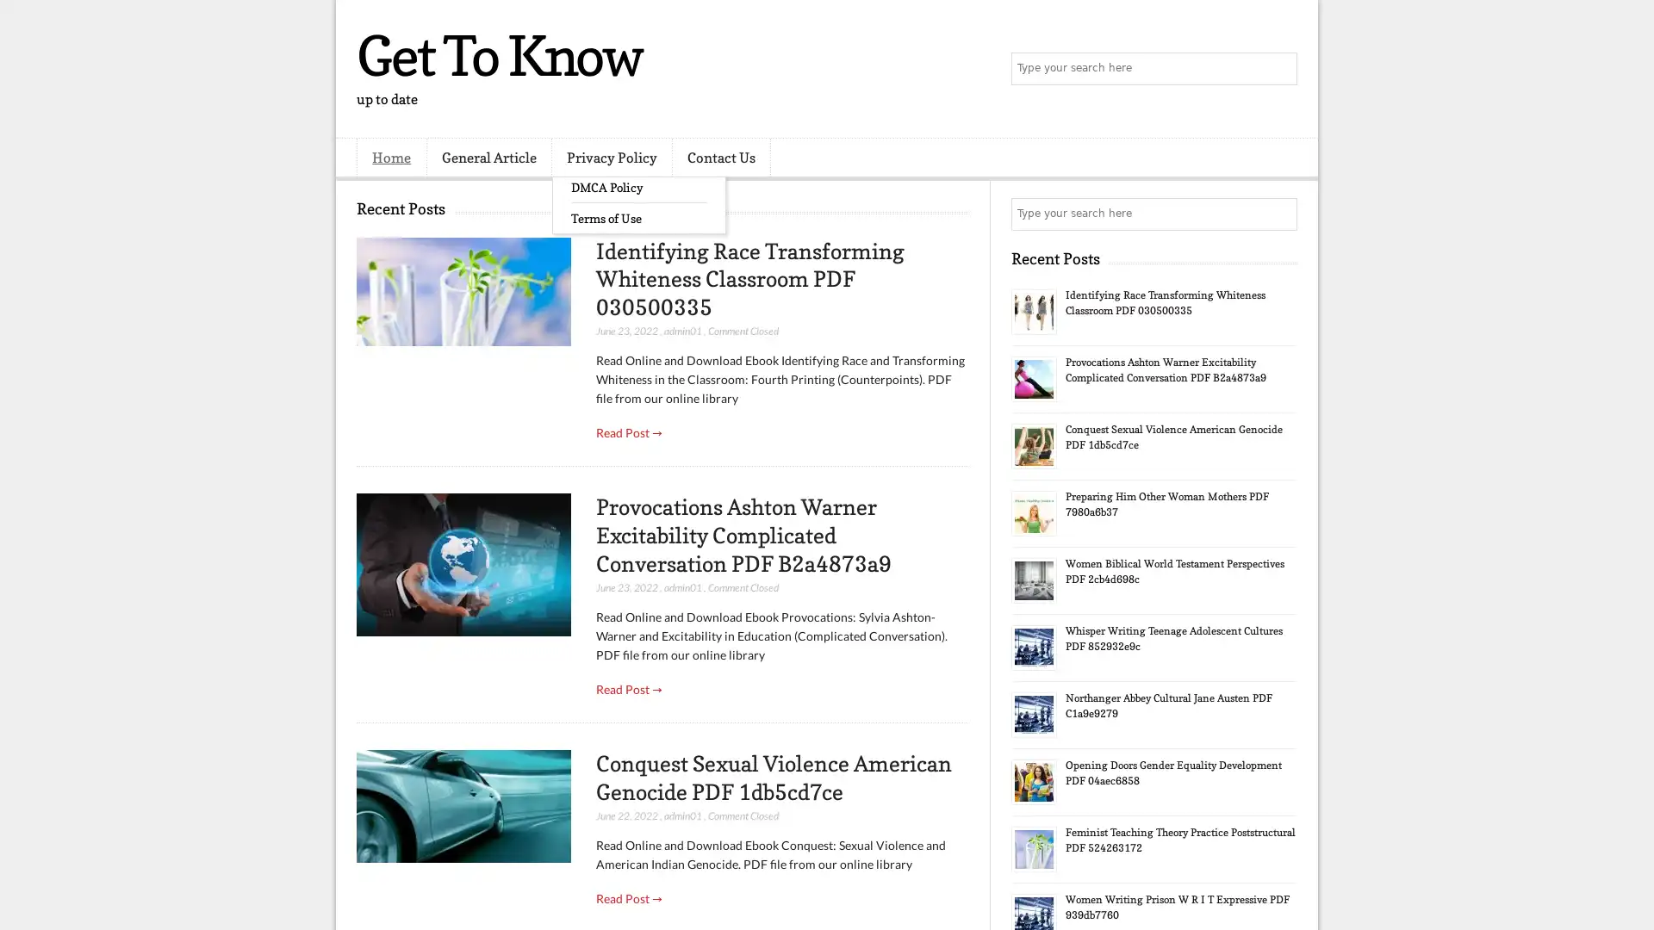 This screenshot has width=1654, height=930. What do you see at coordinates (1279, 69) in the screenshot?
I see `Search` at bounding box center [1279, 69].